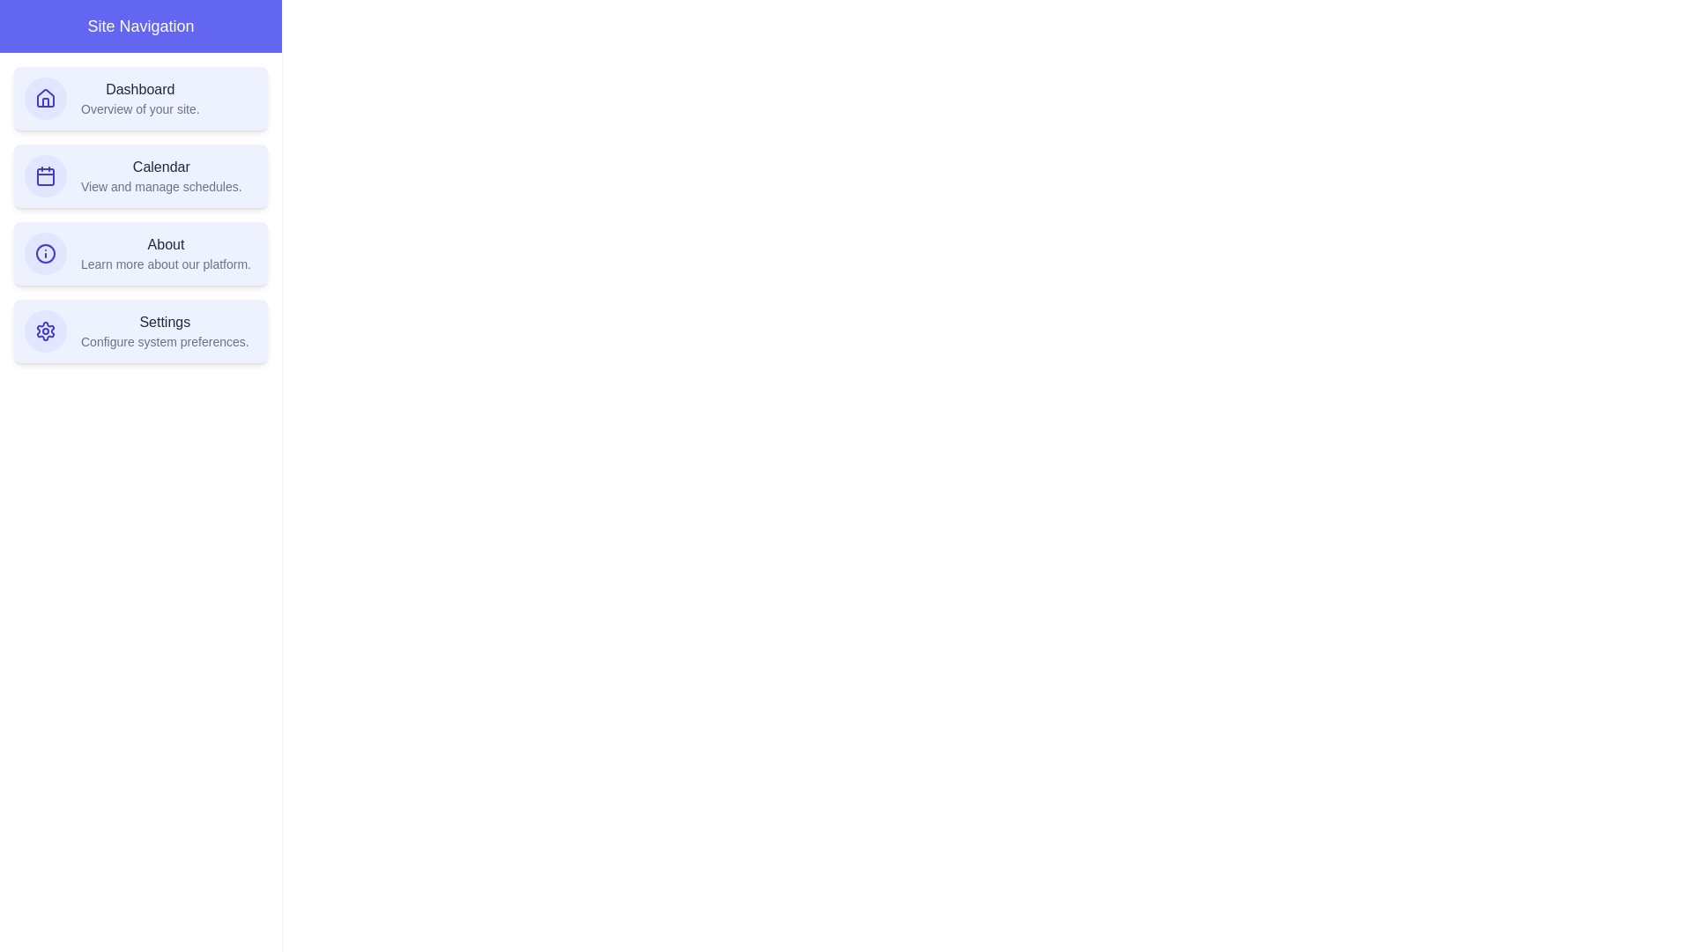  I want to click on the navigation item Dashboard to observe its hover state, so click(139, 98).